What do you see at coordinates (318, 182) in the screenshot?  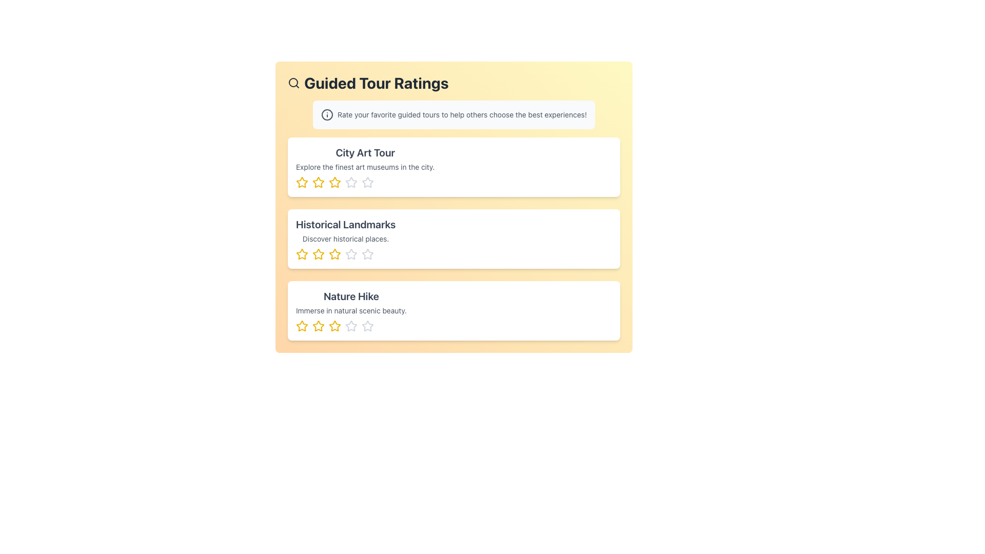 I see `the first star icon in the rating control for the 'City Art Tour' card to assign a rating of one star` at bounding box center [318, 182].